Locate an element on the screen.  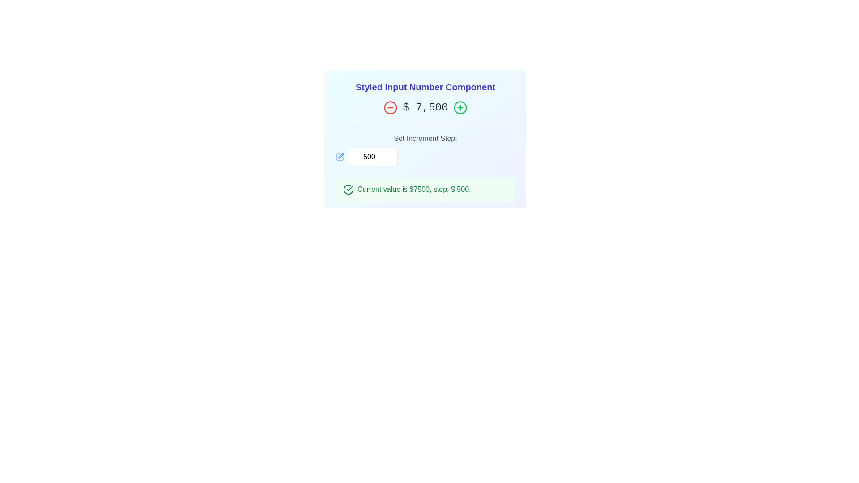
the green checkmark SVG icon inside the green success notification box located at the bottom right of the main component is located at coordinates (348, 189).